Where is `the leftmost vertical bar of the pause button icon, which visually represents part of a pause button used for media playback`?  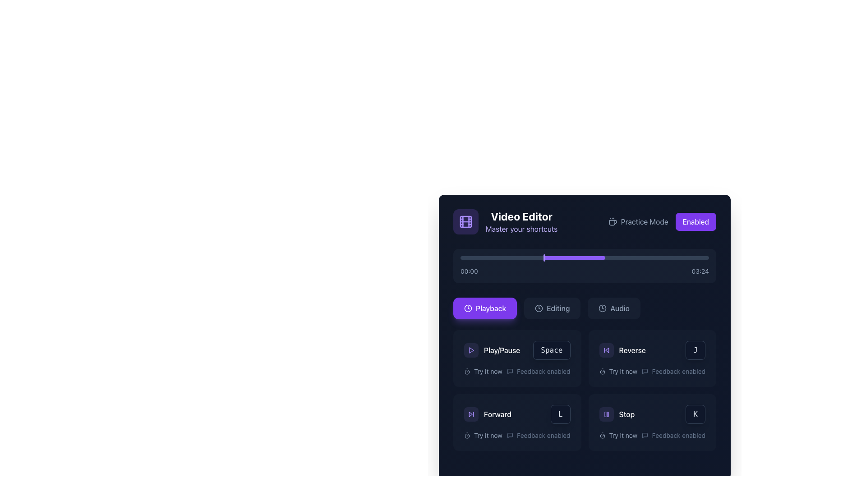 the leftmost vertical bar of the pause button icon, which visually represents part of a pause button used for media playback is located at coordinates (605, 414).